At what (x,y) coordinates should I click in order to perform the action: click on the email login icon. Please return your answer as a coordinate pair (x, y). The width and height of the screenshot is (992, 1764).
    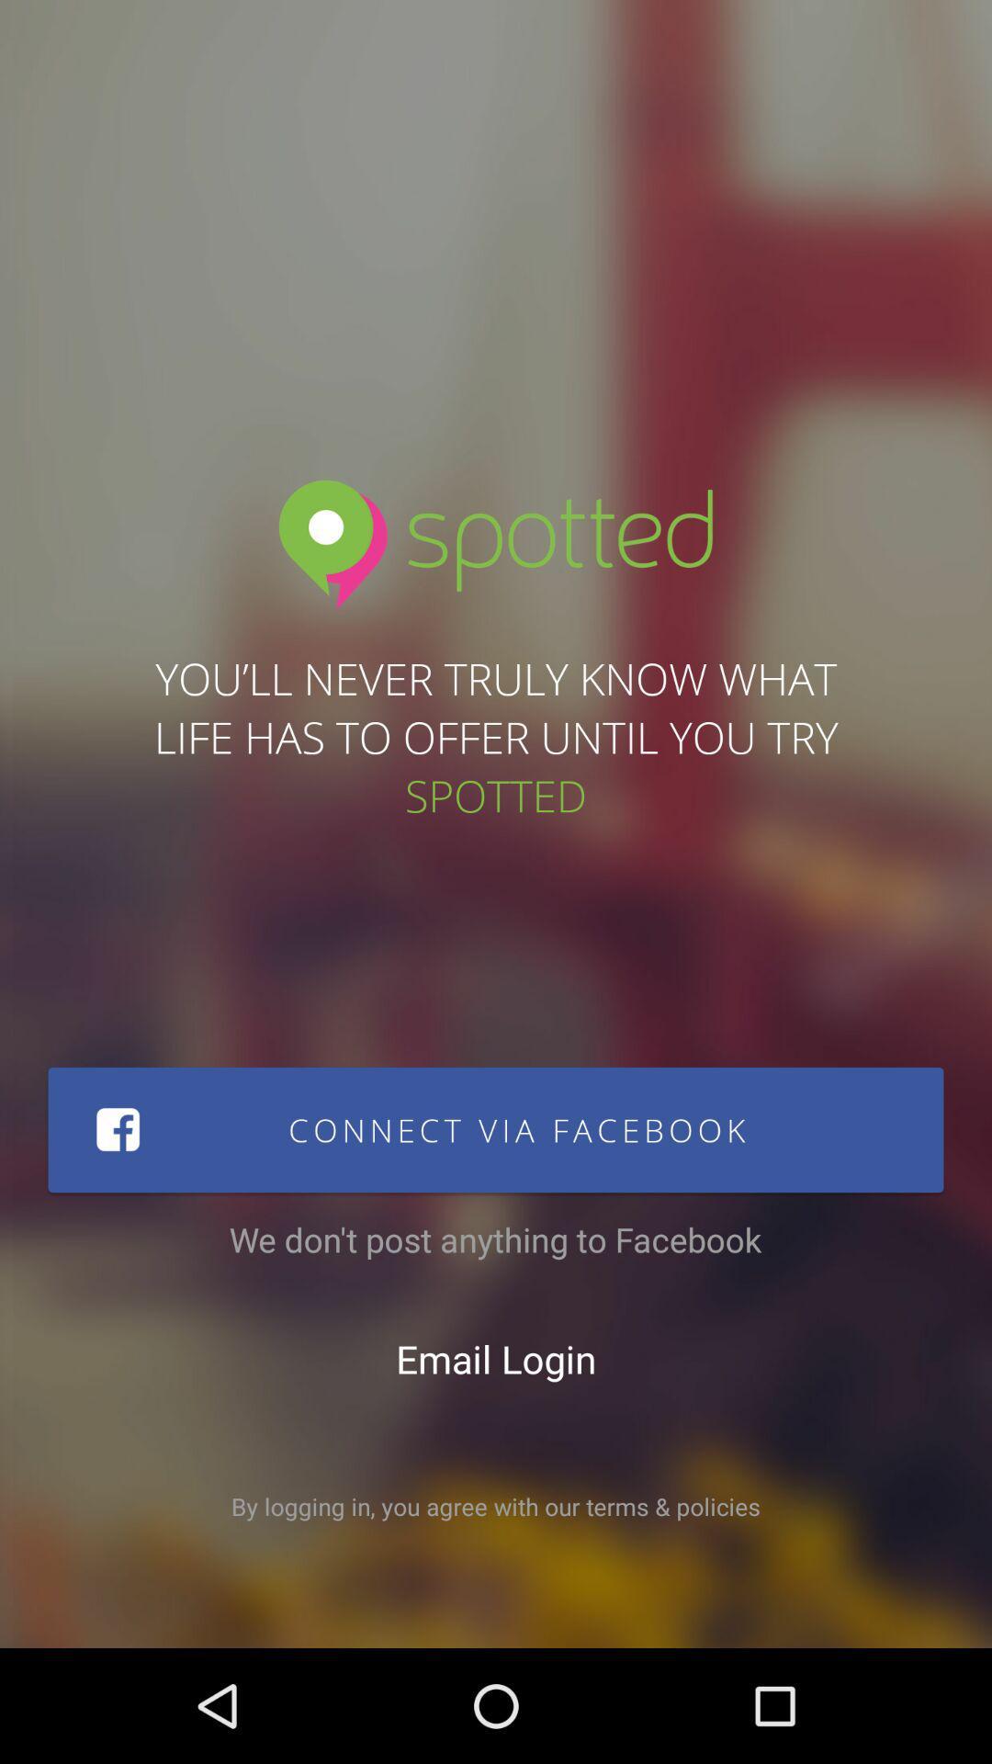
    Looking at the image, I should click on (496, 1358).